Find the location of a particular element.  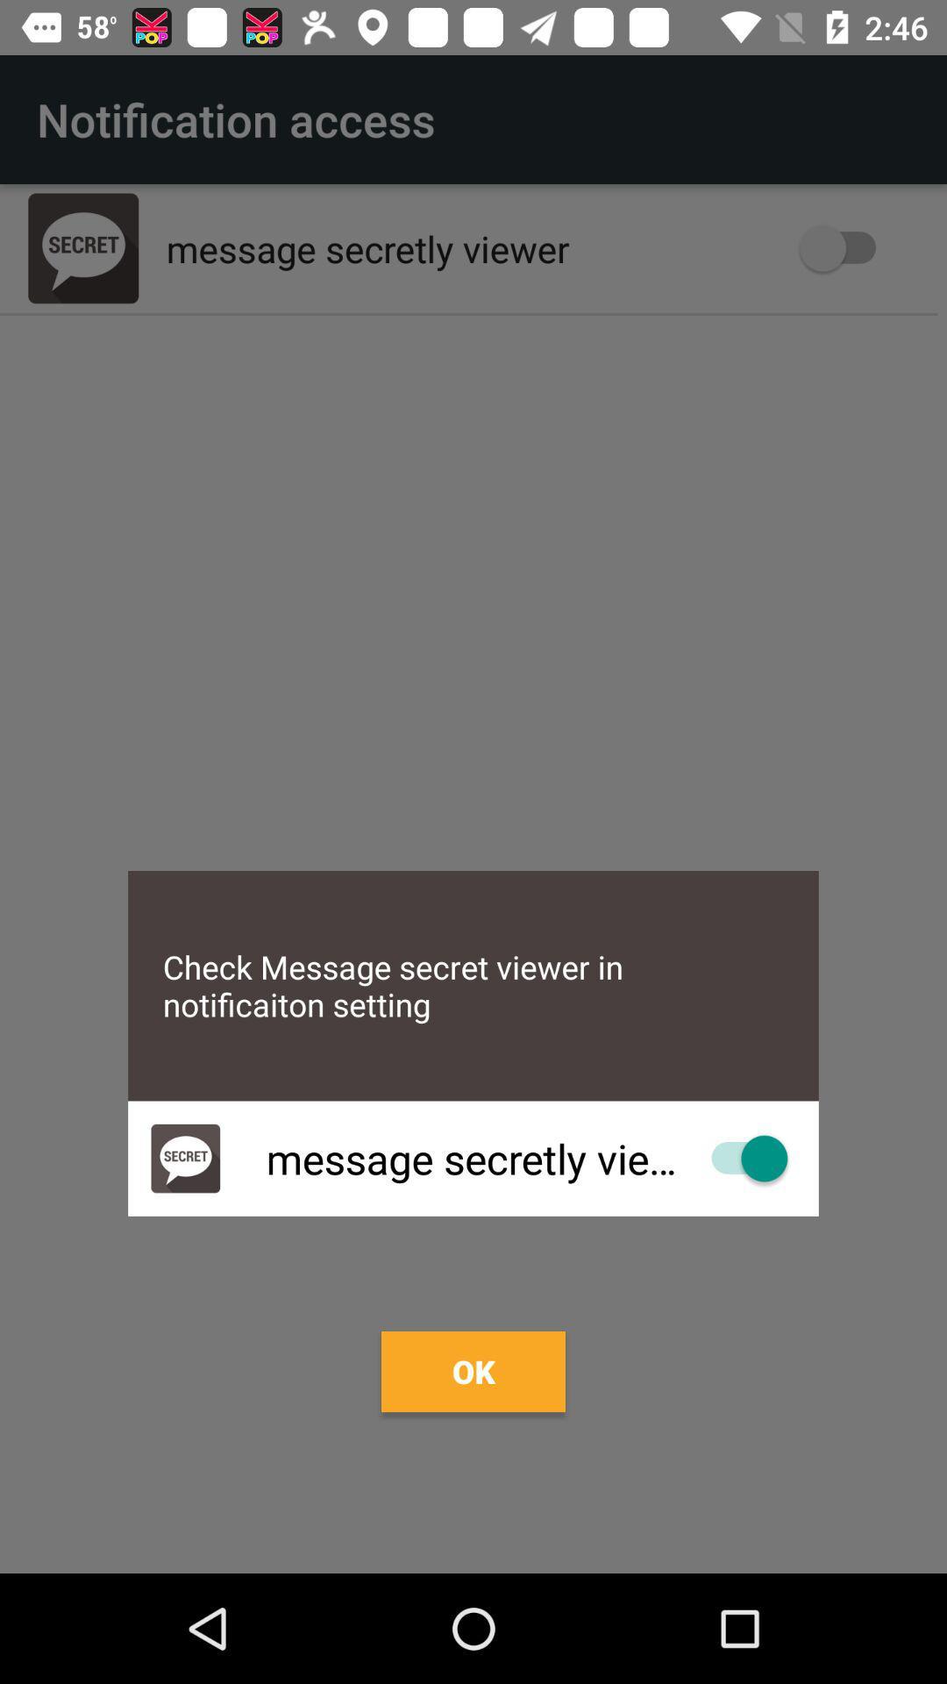

the ok item is located at coordinates (473, 1371).